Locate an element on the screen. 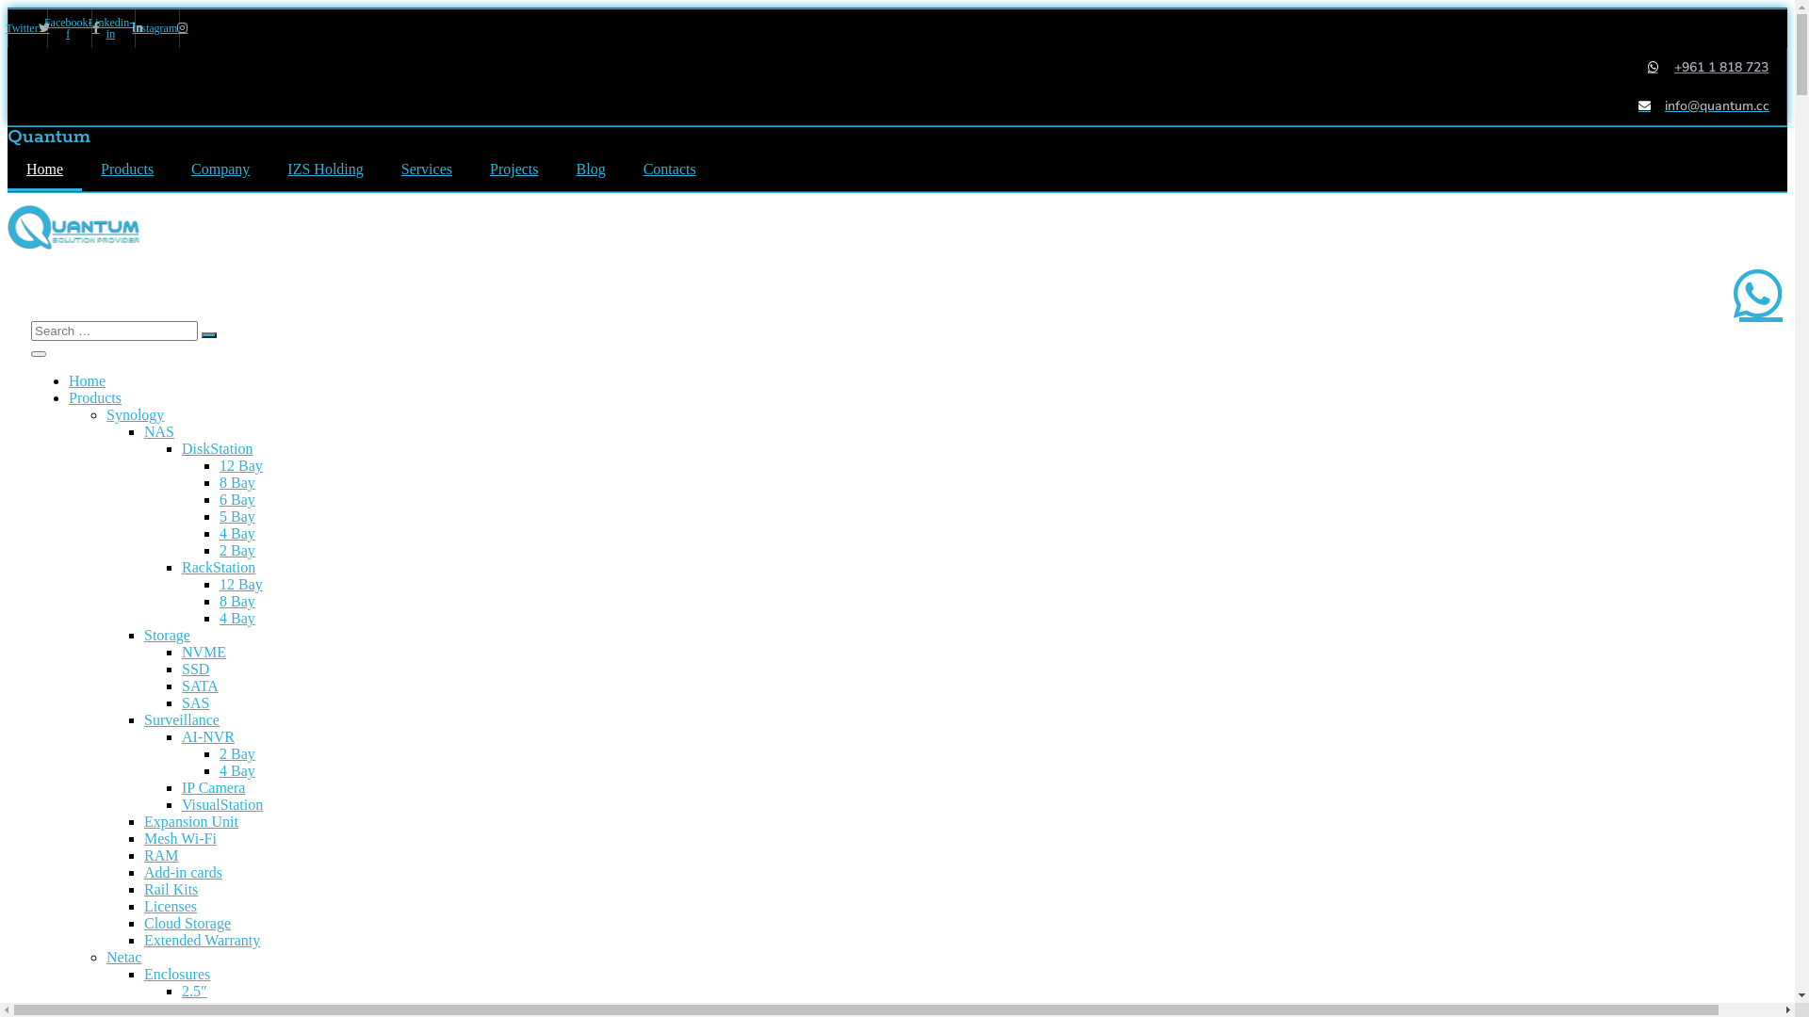  'AI-NVR' is located at coordinates (181, 735).